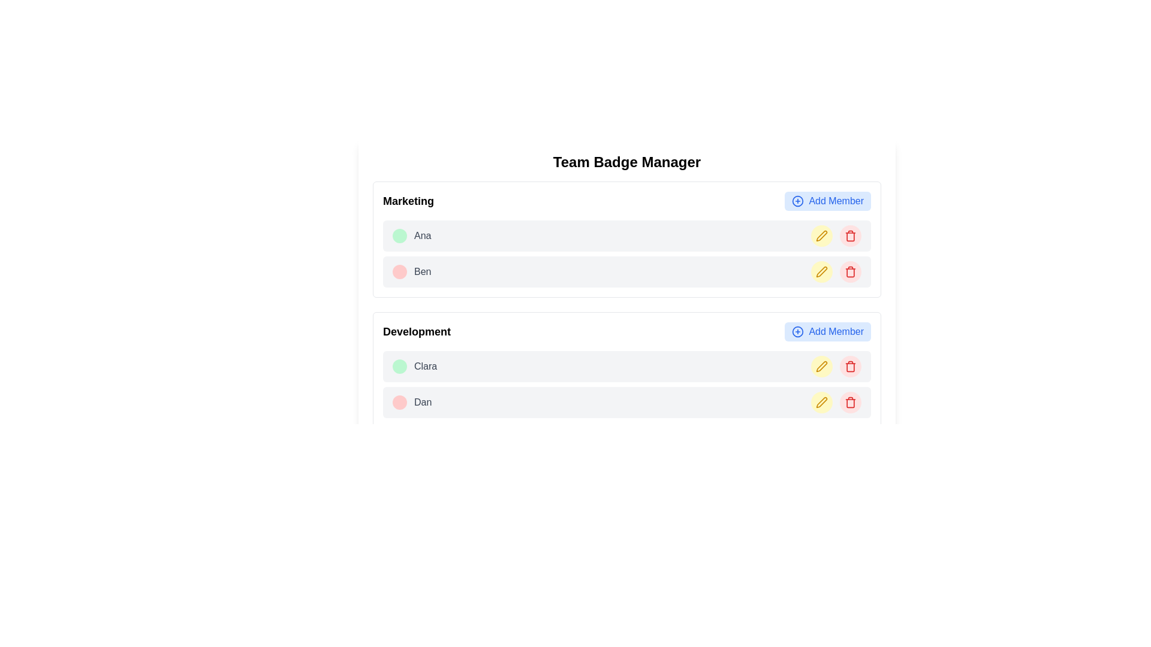  What do you see at coordinates (406, 274) in the screenshot?
I see `the circular badge icon with a red color scheme labeled 'Inactive' located in the second row of the 'Marketing' section above the name label 'Ben'` at bounding box center [406, 274].